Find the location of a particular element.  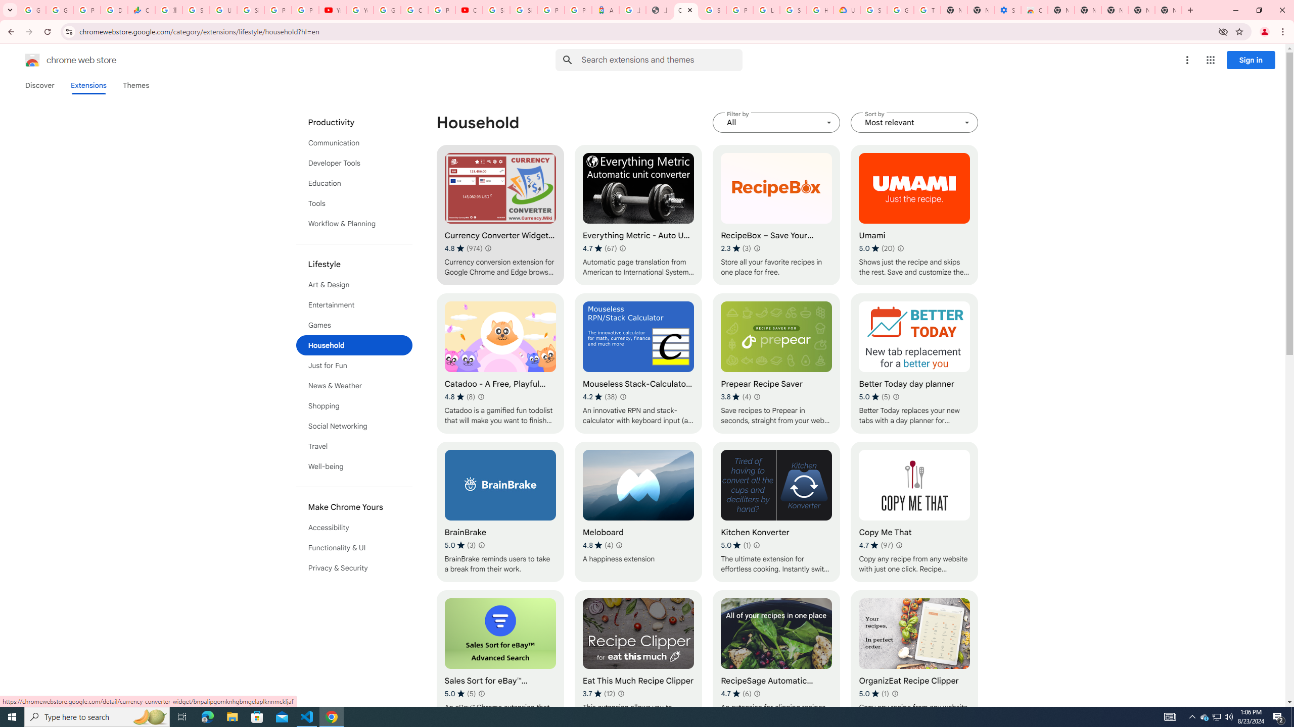

'Create your Google Account' is located at coordinates (414, 10).